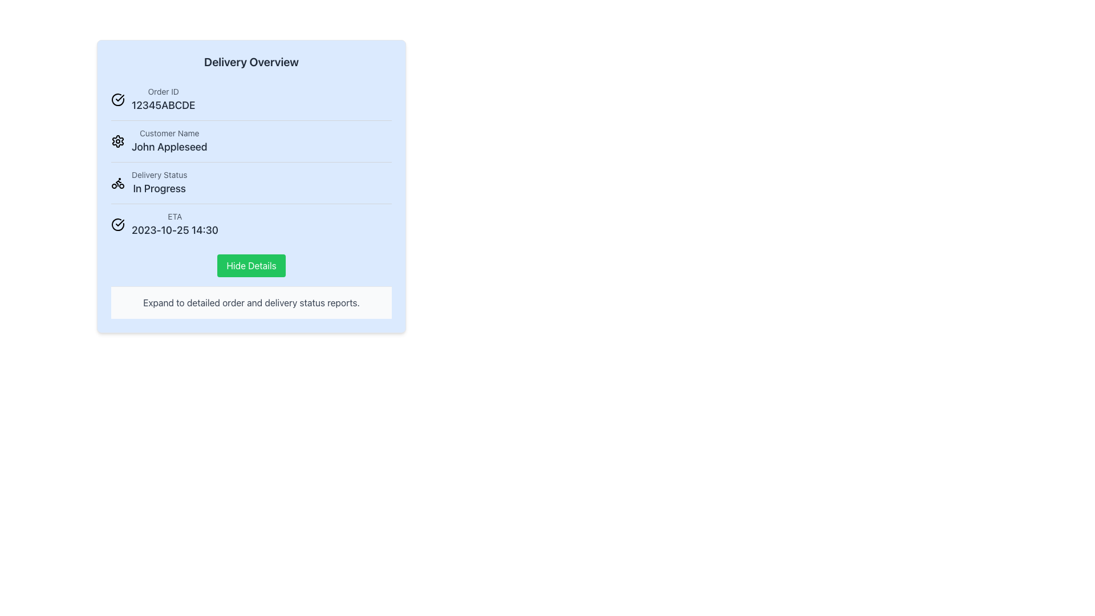 The width and height of the screenshot is (1095, 616). Describe the element at coordinates (163, 99) in the screenshot. I see `the order identifier text display, which shows the order number '12345ABCDE' located near the top of the Delivery Overview section` at that location.